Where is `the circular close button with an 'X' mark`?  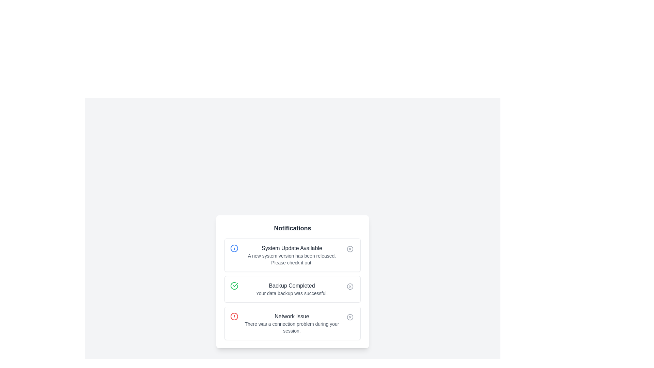 the circular close button with an 'X' mark is located at coordinates (350, 249).